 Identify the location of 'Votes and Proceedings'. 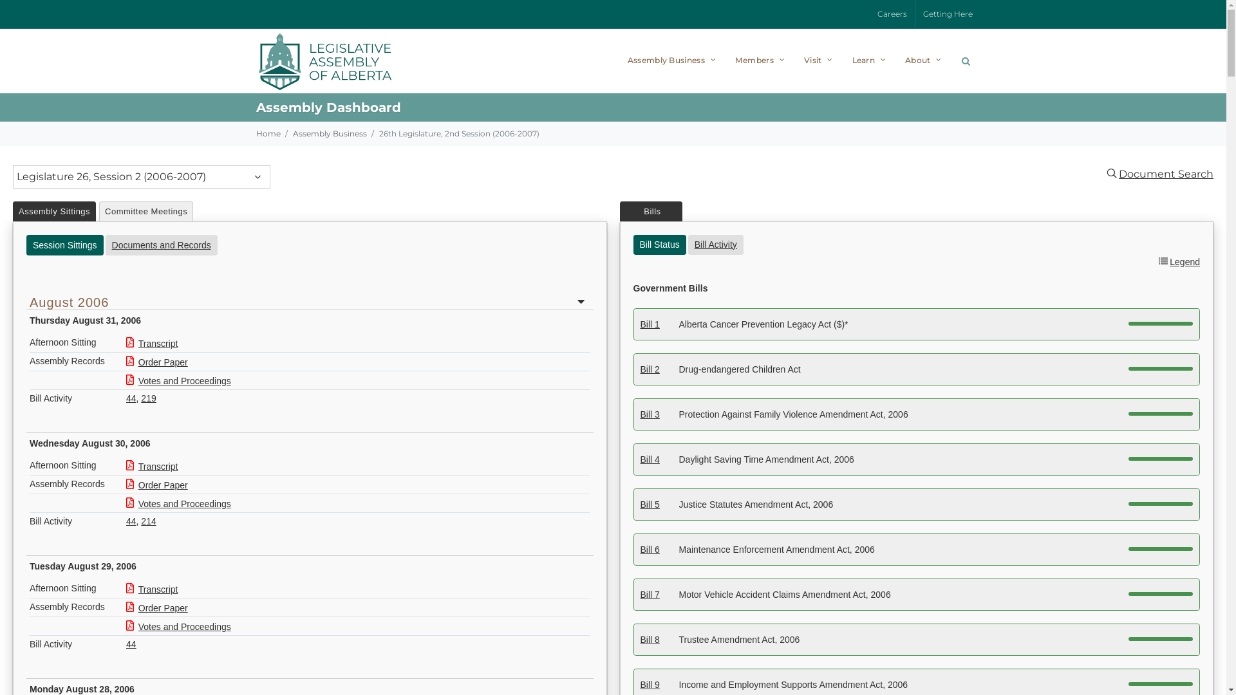
(178, 380).